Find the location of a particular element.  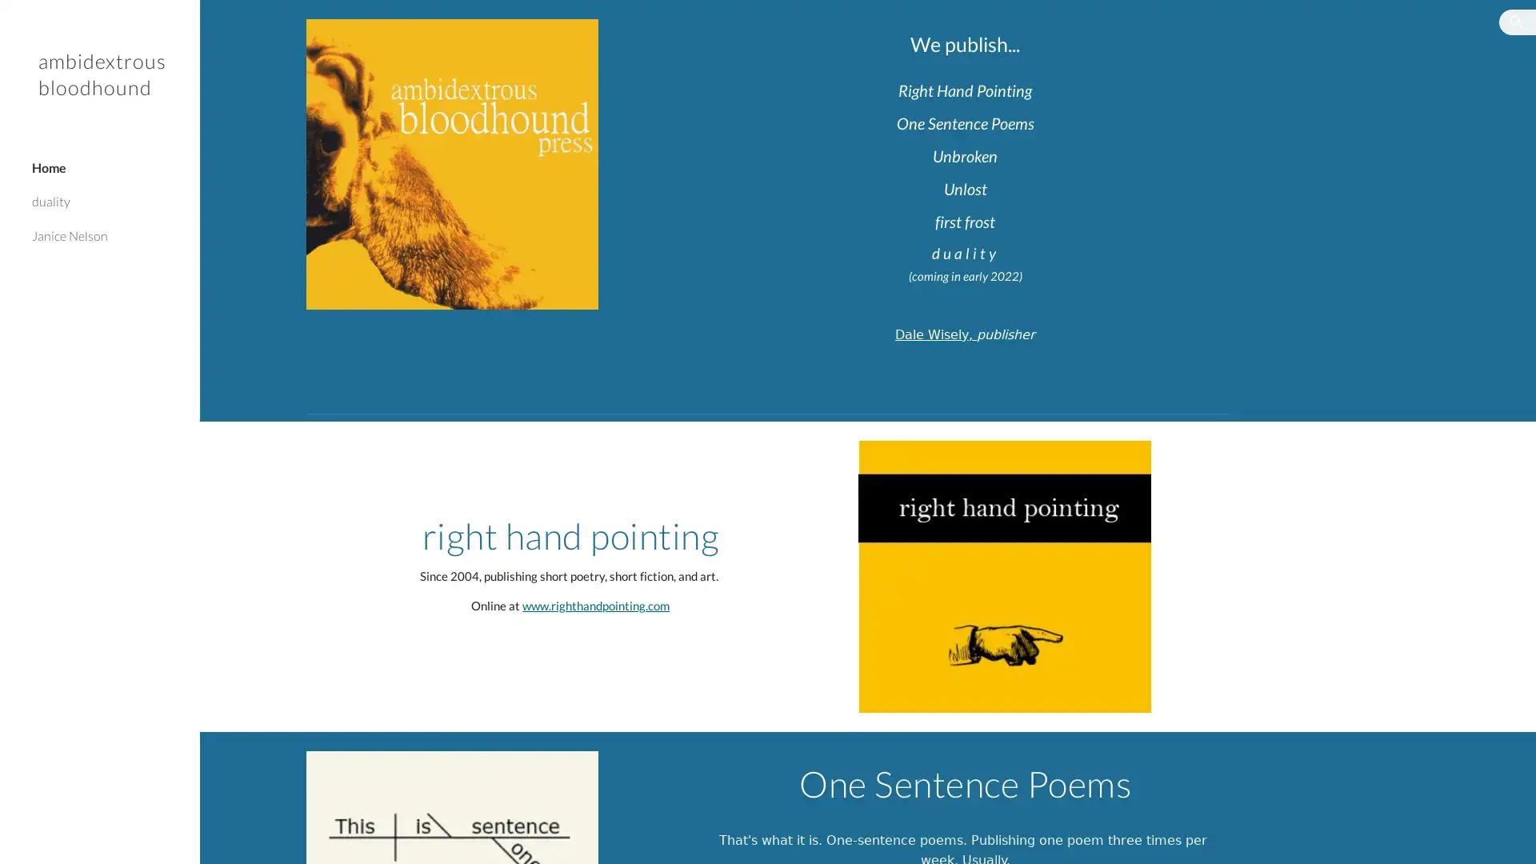

Copy heading link is located at coordinates (836, 536).